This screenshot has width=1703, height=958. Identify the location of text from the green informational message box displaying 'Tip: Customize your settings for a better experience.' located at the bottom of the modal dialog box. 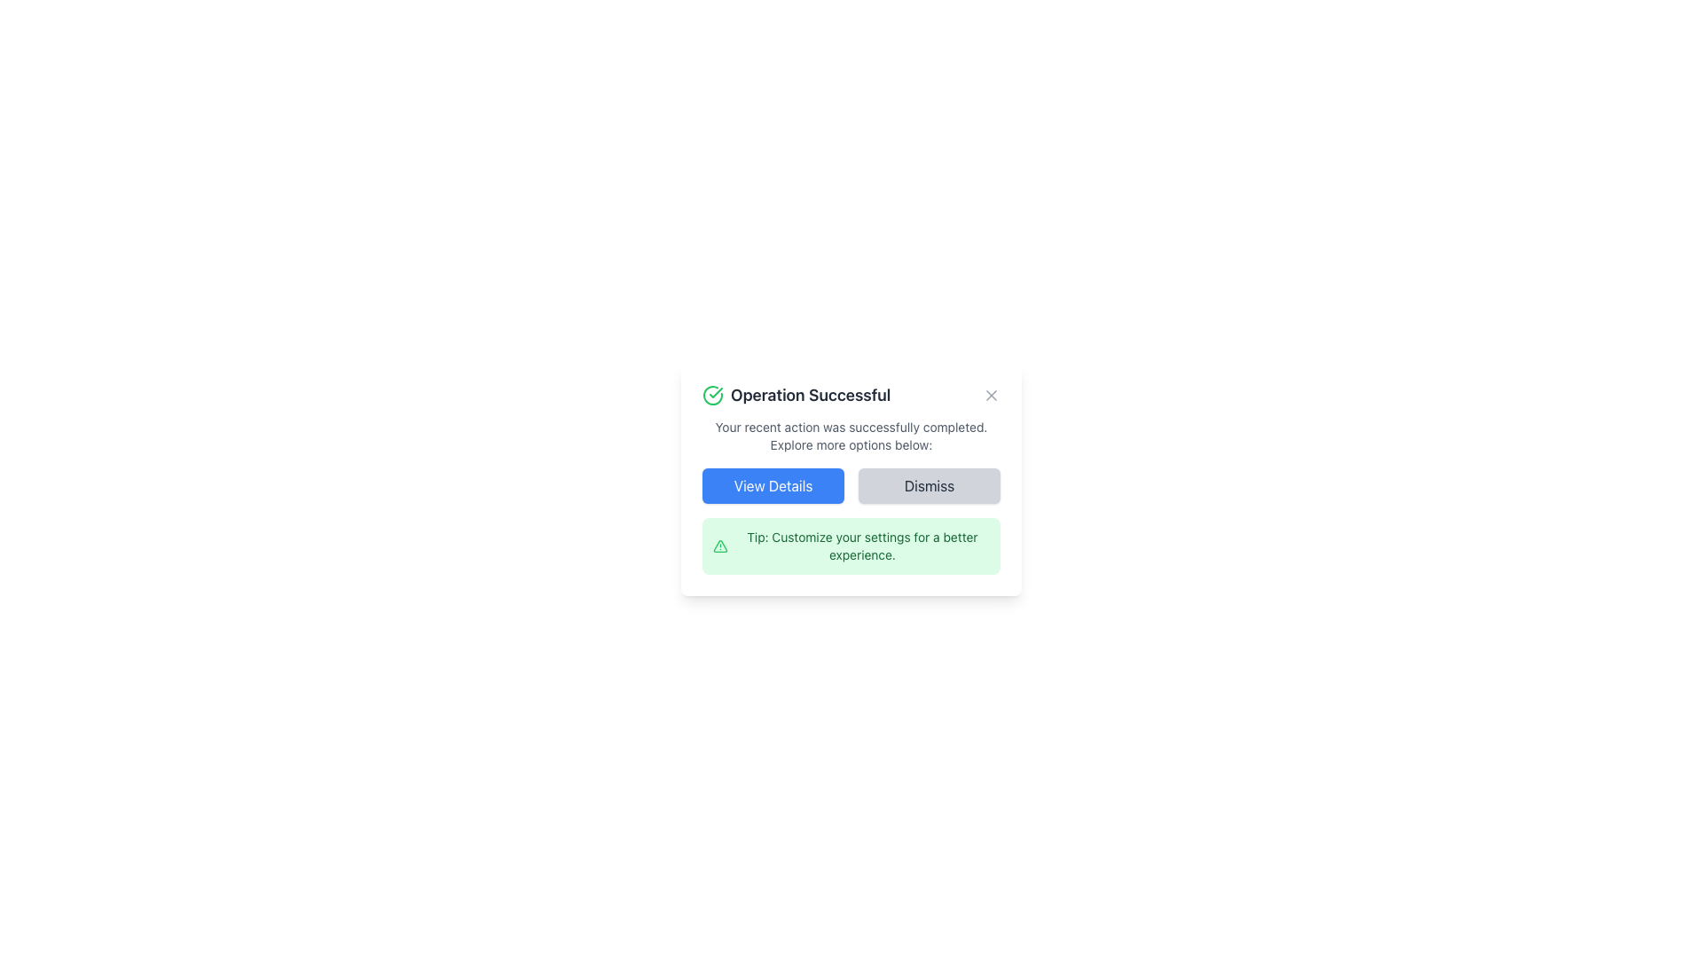
(851, 546).